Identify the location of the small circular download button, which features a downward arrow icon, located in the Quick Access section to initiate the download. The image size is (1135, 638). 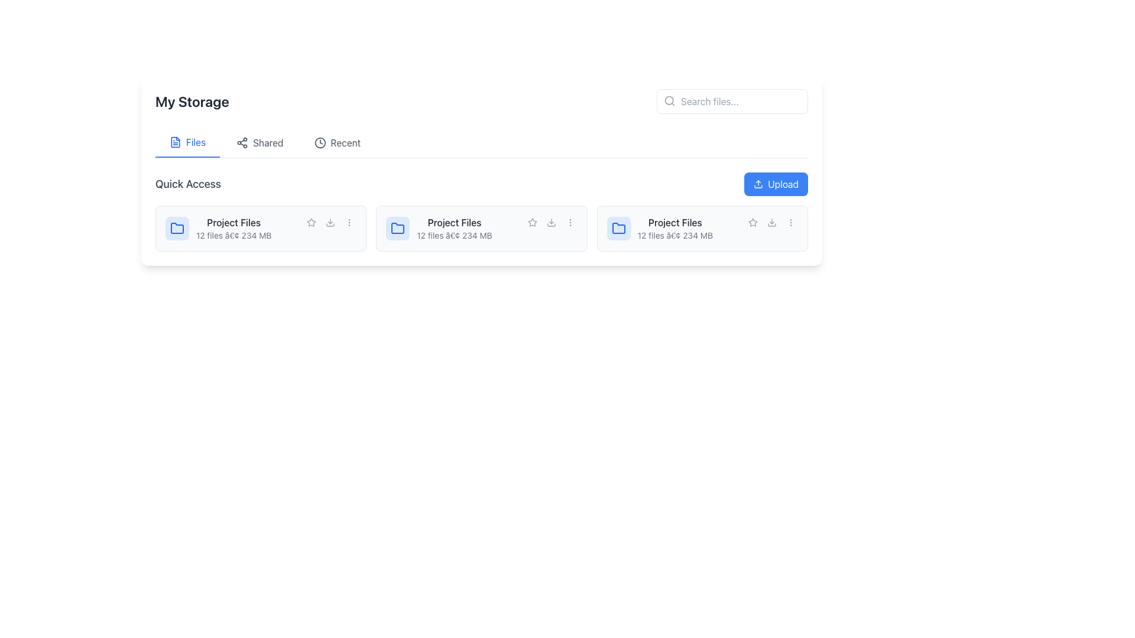
(330, 223).